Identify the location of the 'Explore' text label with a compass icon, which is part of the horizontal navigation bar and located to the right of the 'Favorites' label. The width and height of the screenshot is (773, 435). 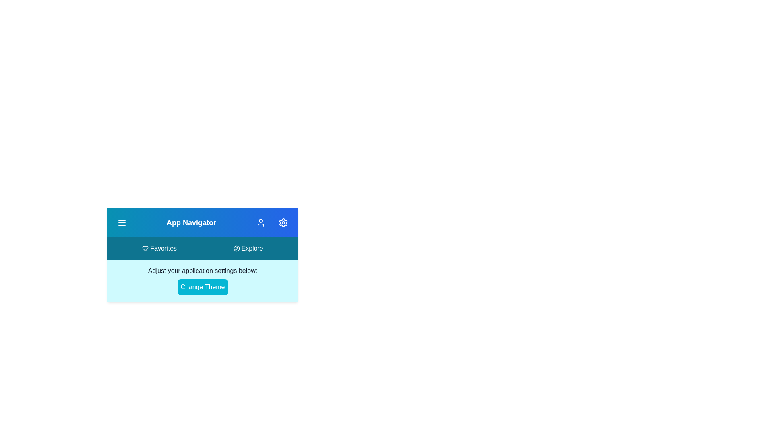
(248, 248).